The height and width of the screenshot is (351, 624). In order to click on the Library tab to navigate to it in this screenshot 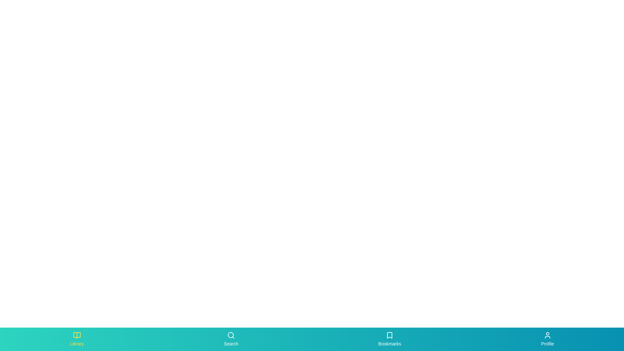, I will do `click(77, 339)`.